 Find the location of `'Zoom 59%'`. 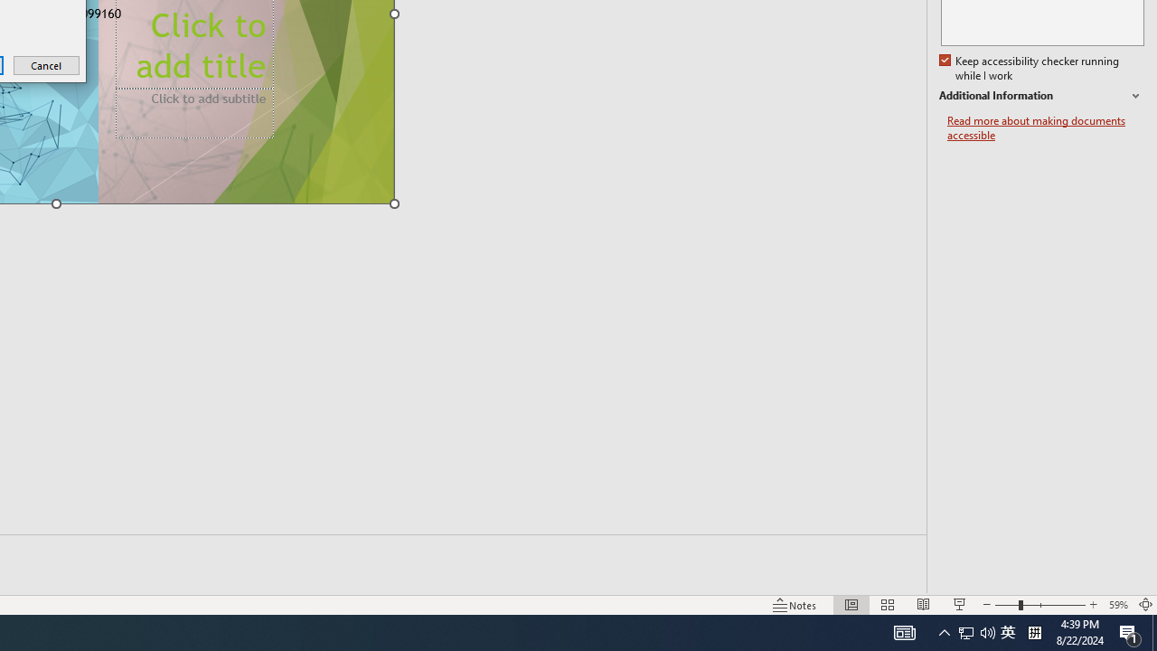

'Zoom 59%' is located at coordinates (1117, 605).